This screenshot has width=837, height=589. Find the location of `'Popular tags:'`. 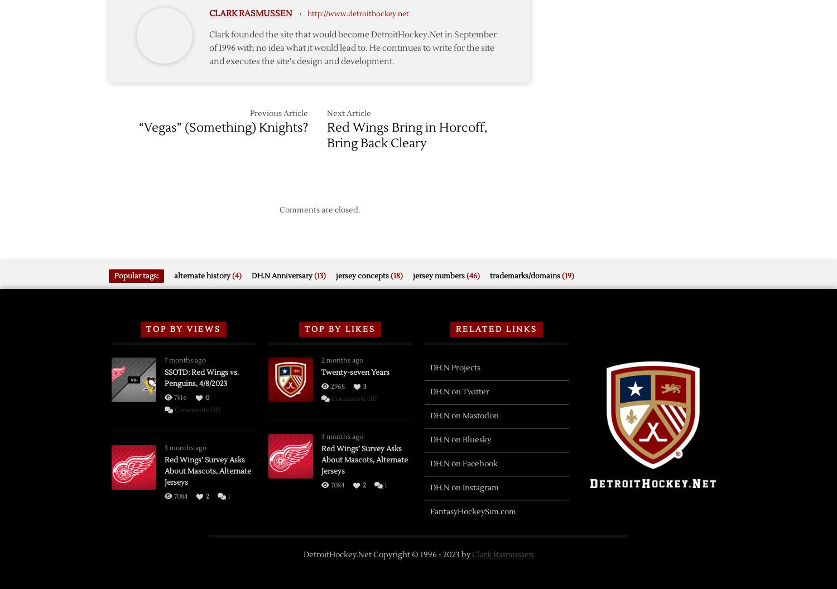

'Popular tags:' is located at coordinates (114, 274).